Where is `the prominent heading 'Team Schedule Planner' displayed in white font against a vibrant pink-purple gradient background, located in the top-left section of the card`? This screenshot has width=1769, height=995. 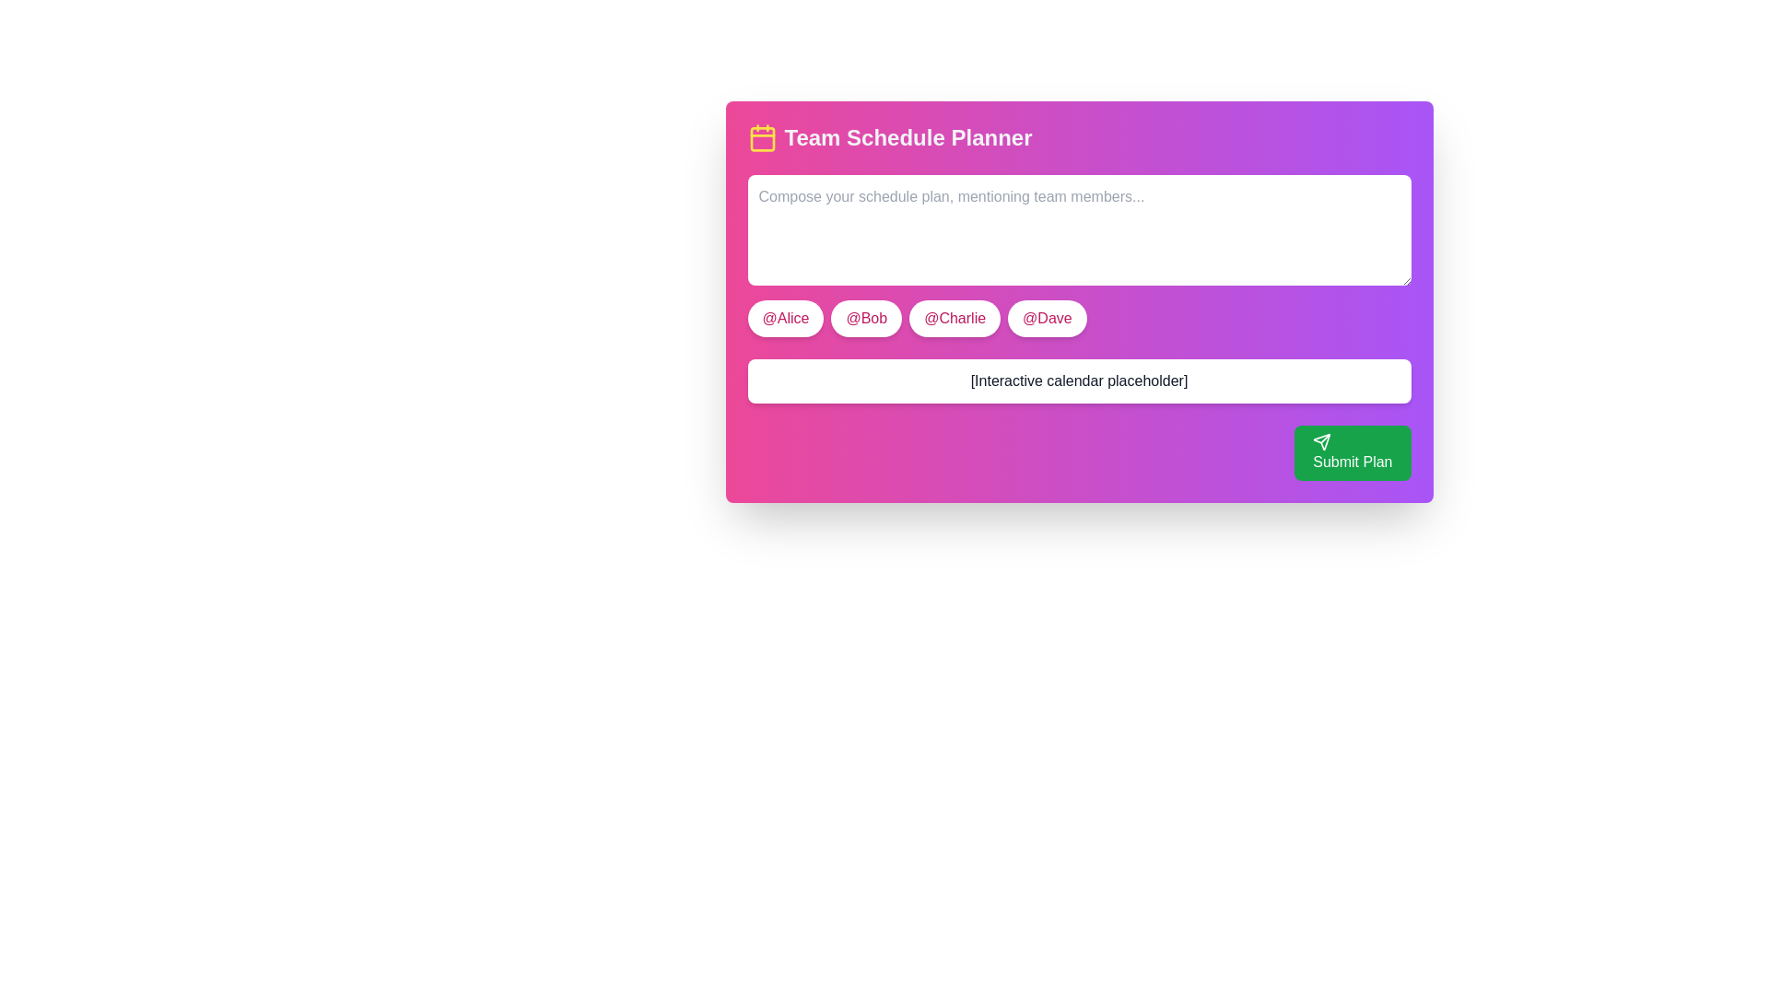
the prominent heading 'Team Schedule Planner' displayed in white font against a vibrant pink-purple gradient background, located in the top-left section of the card is located at coordinates (908, 137).